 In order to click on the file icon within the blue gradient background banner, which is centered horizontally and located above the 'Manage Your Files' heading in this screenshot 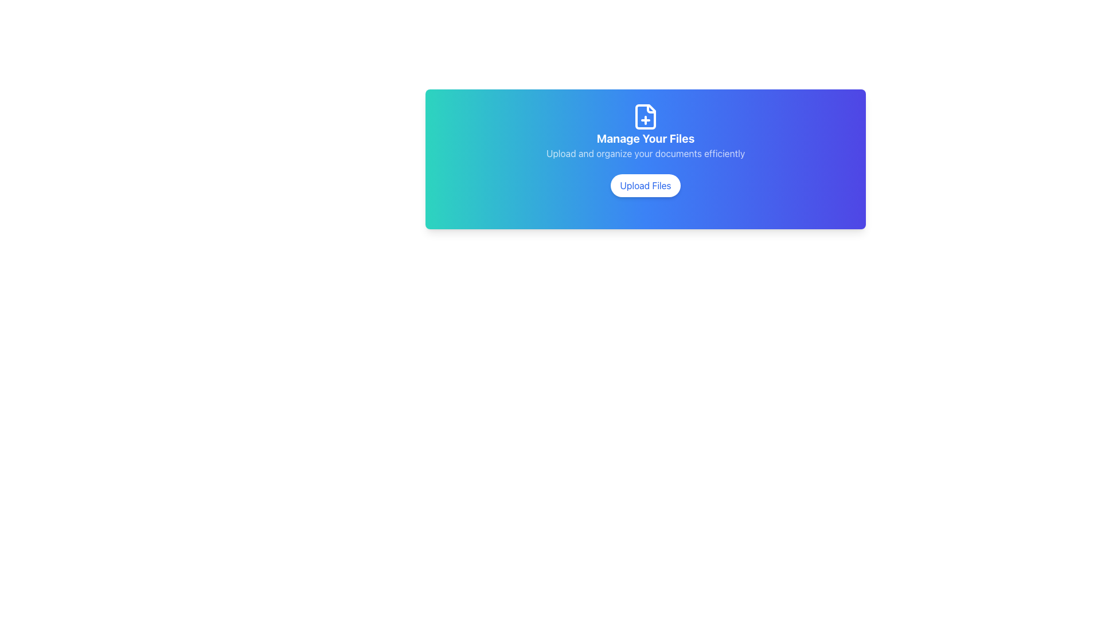, I will do `click(646, 117)`.